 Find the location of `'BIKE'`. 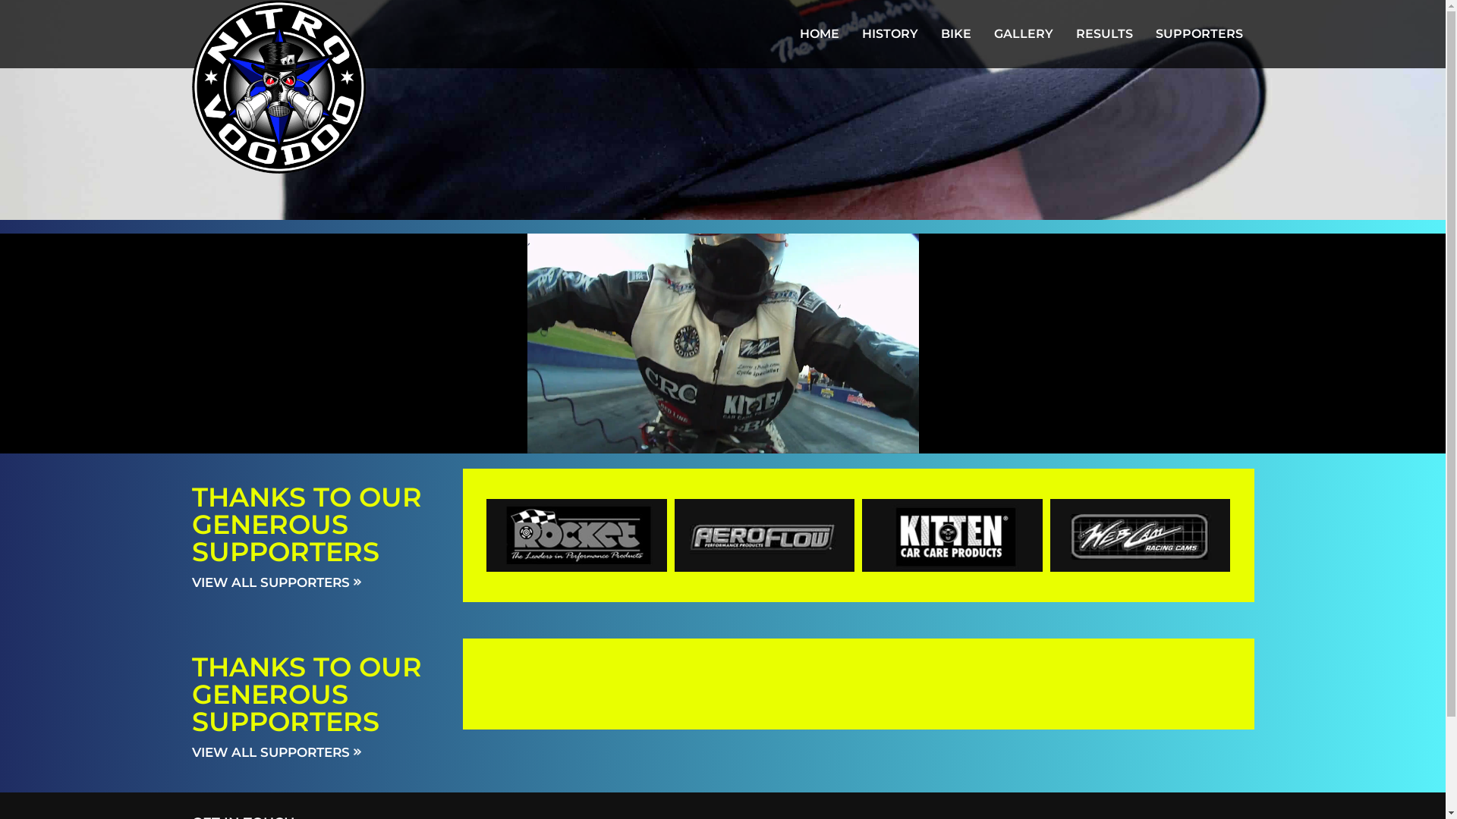

'BIKE' is located at coordinates (954, 34).